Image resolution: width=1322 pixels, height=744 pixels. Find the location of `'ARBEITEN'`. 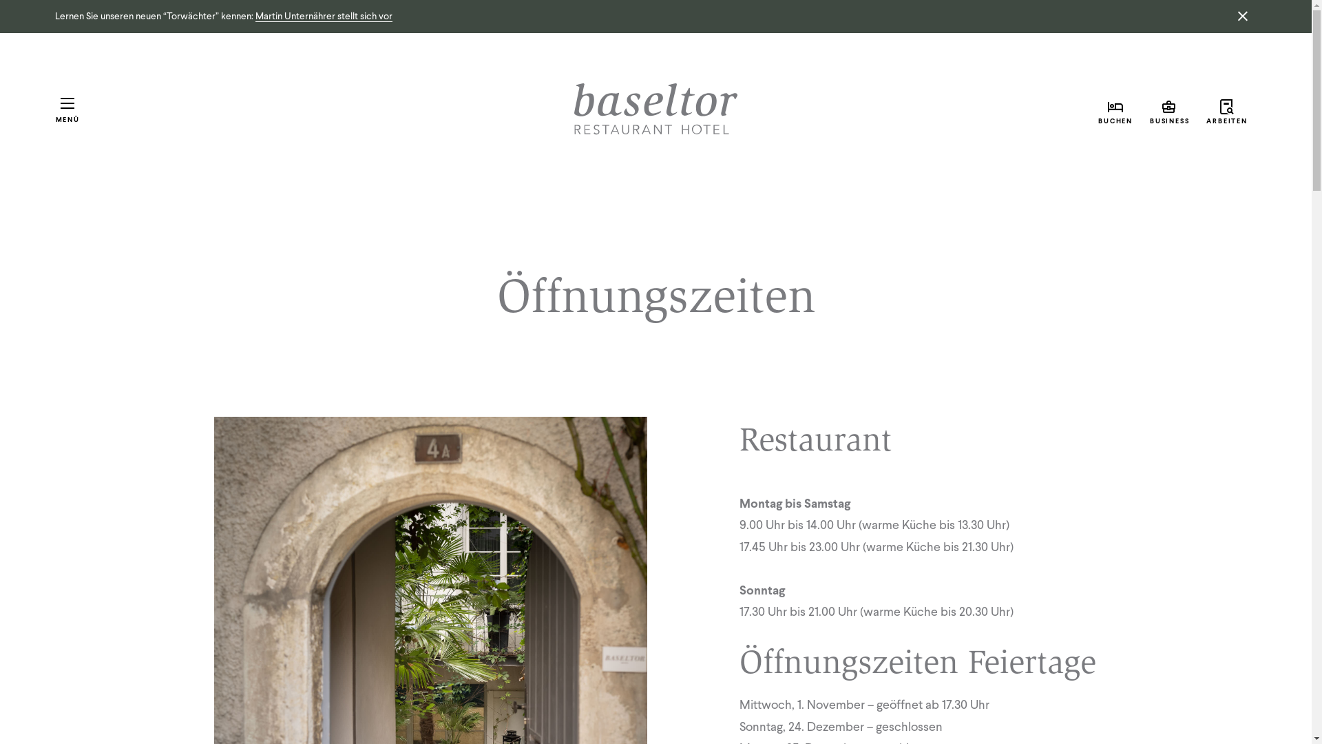

'ARBEITEN' is located at coordinates (1197, 109).